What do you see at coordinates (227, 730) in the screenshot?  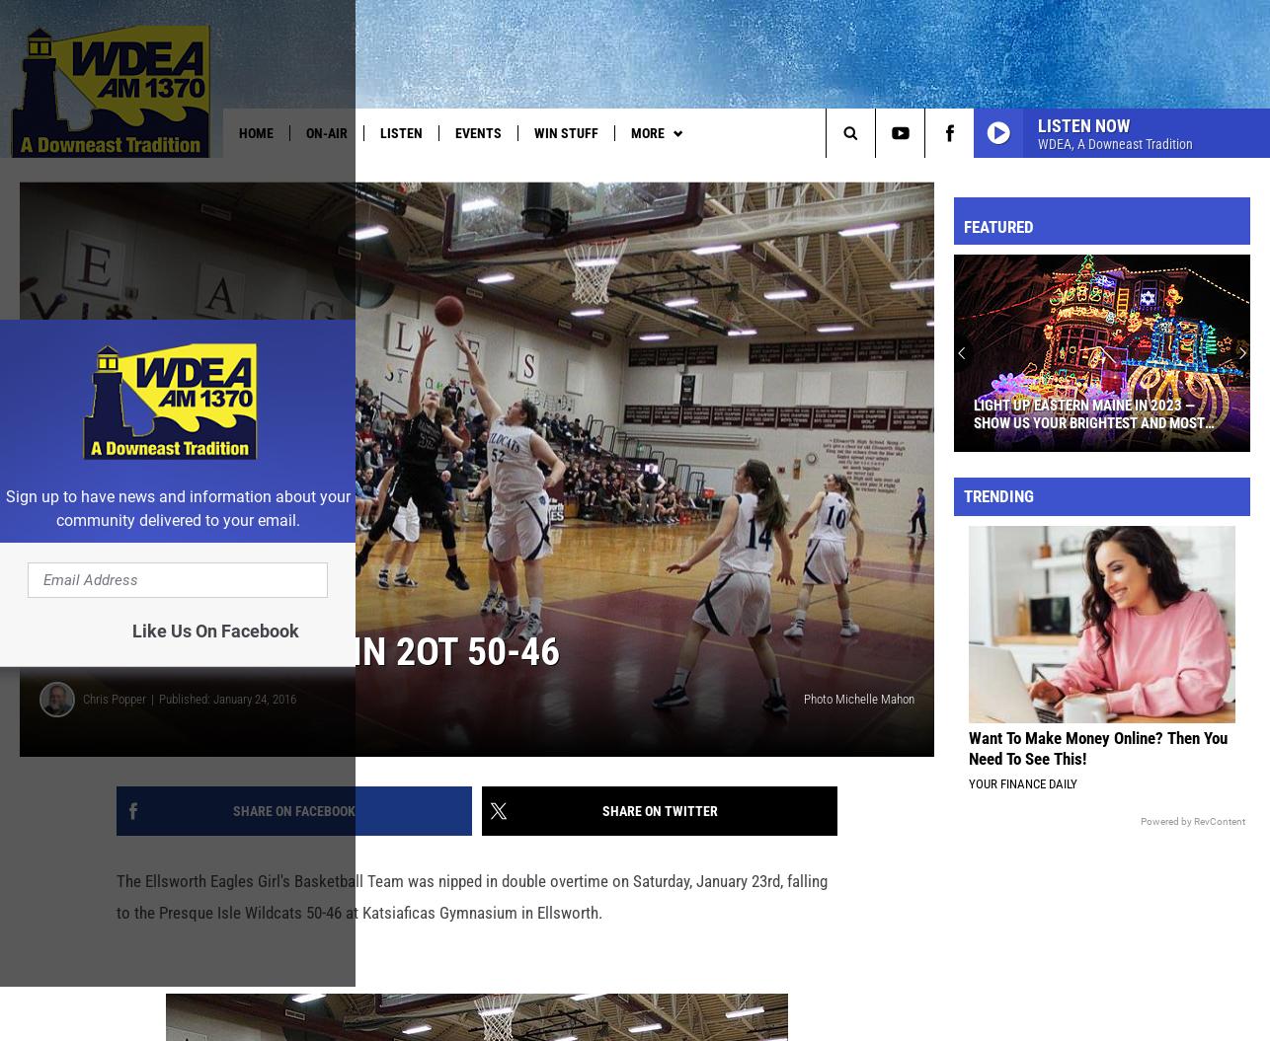 I see `'Published: January 24, 2016'` at bounding box center [227, 730].